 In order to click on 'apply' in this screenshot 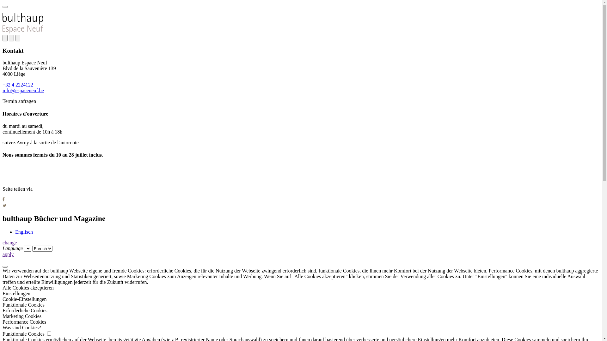, I will do `click(8, 254)`.